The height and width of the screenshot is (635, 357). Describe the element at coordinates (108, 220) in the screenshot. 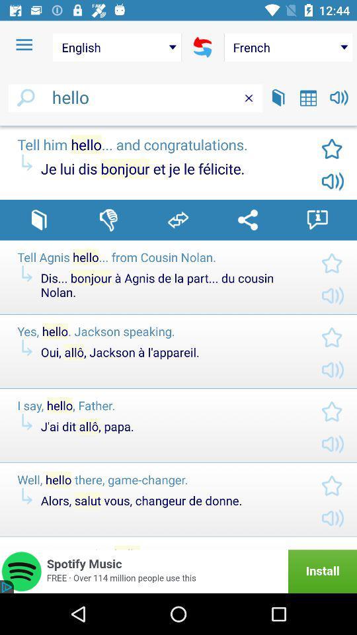

I see `dislike selection` at that location.